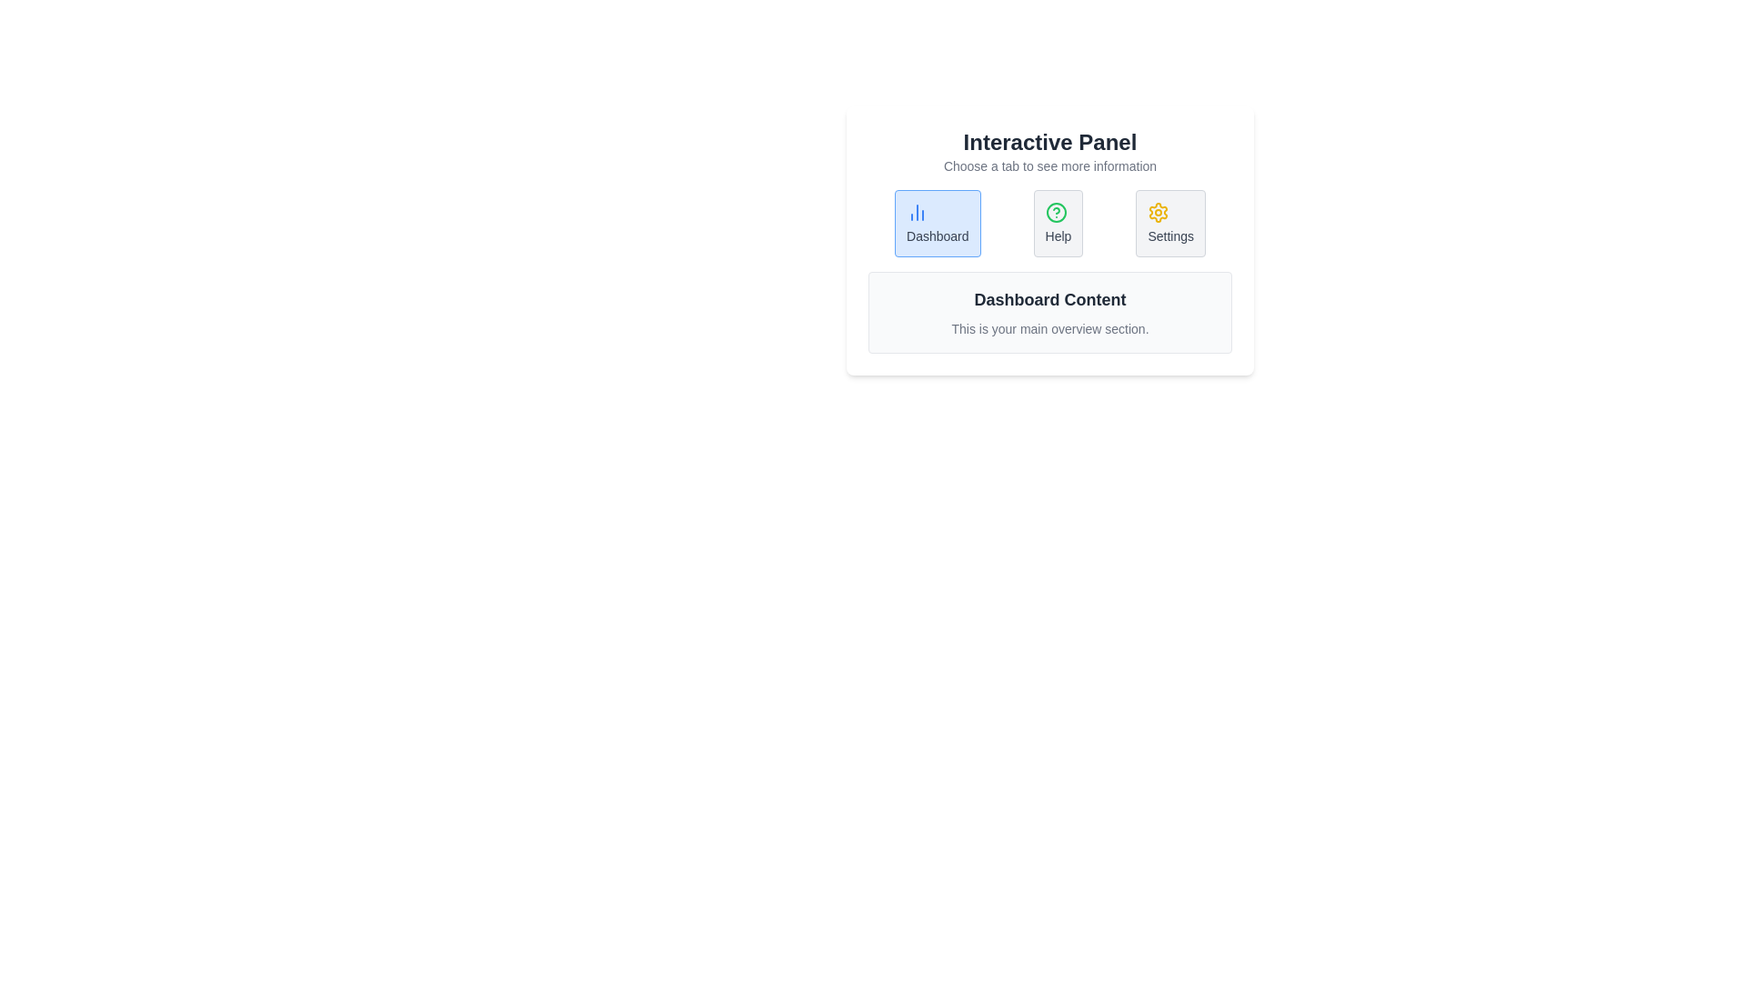 This screenshot has width=1746, height=982. Describe the element at coordinates (1050, 150) in the screenshot. I see `the text content element that serves as the informative header or title for the card, which is located at the top of the card layout and centered horizontally above the options 'Dashboard,' 'Help,' and 'Settings.'` at that location.